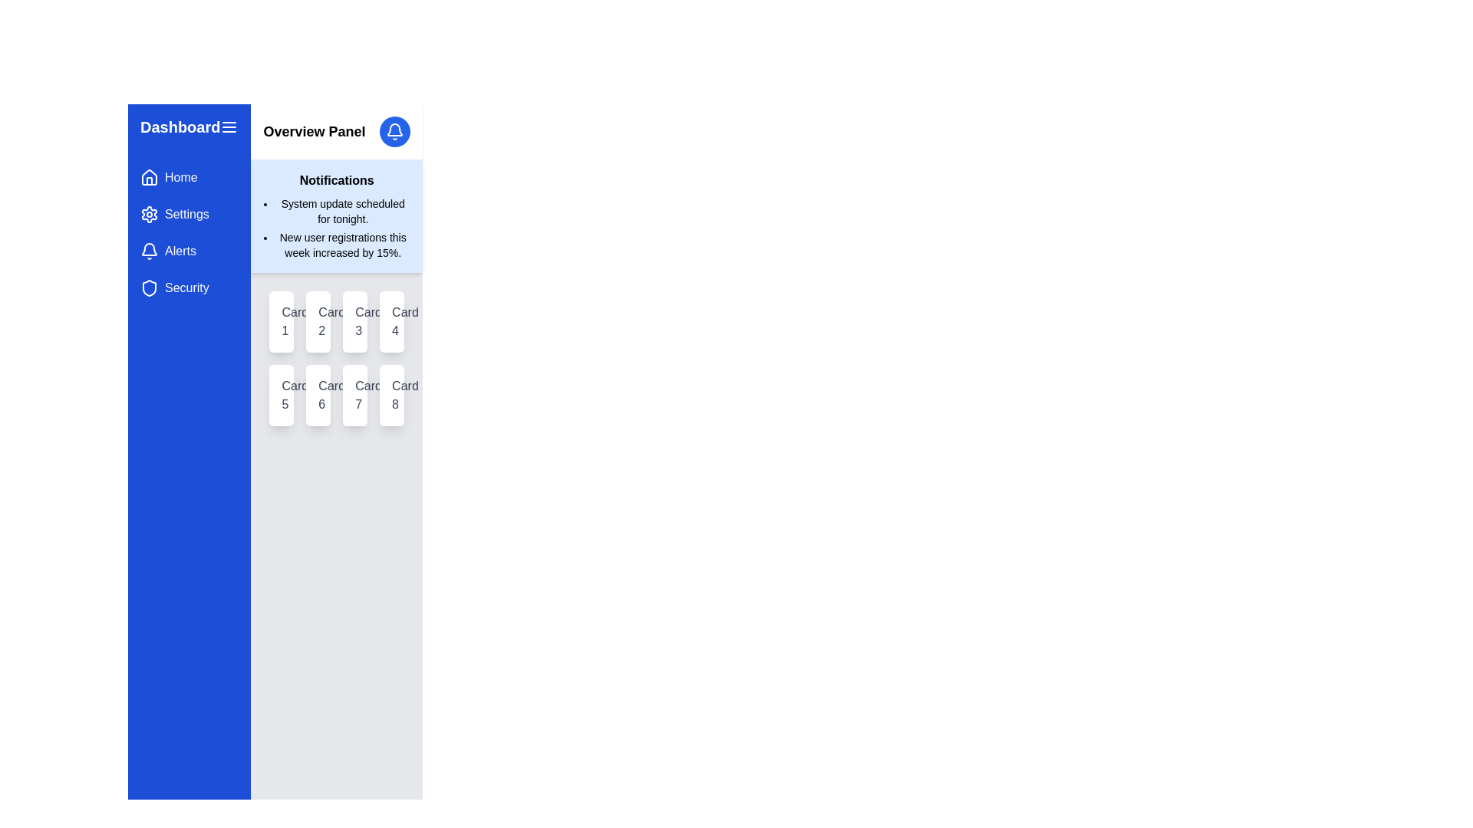 The height and width of the screenshot is (828, 1473). Describe the element at coordinates (354, 321) in the screenshot. I see `'Card 3' located in the 'Overview Panel' section` at that location.